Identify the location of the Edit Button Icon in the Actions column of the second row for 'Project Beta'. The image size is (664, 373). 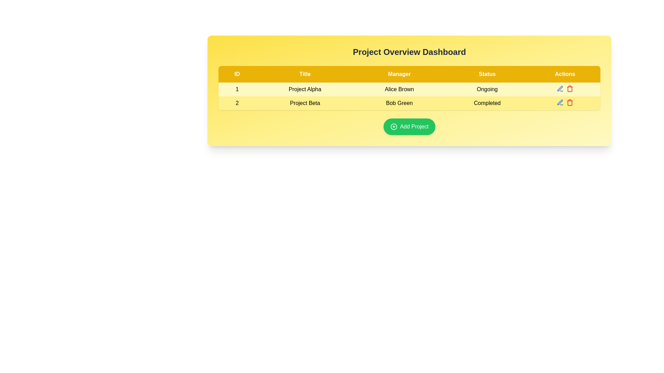
(560, 88).